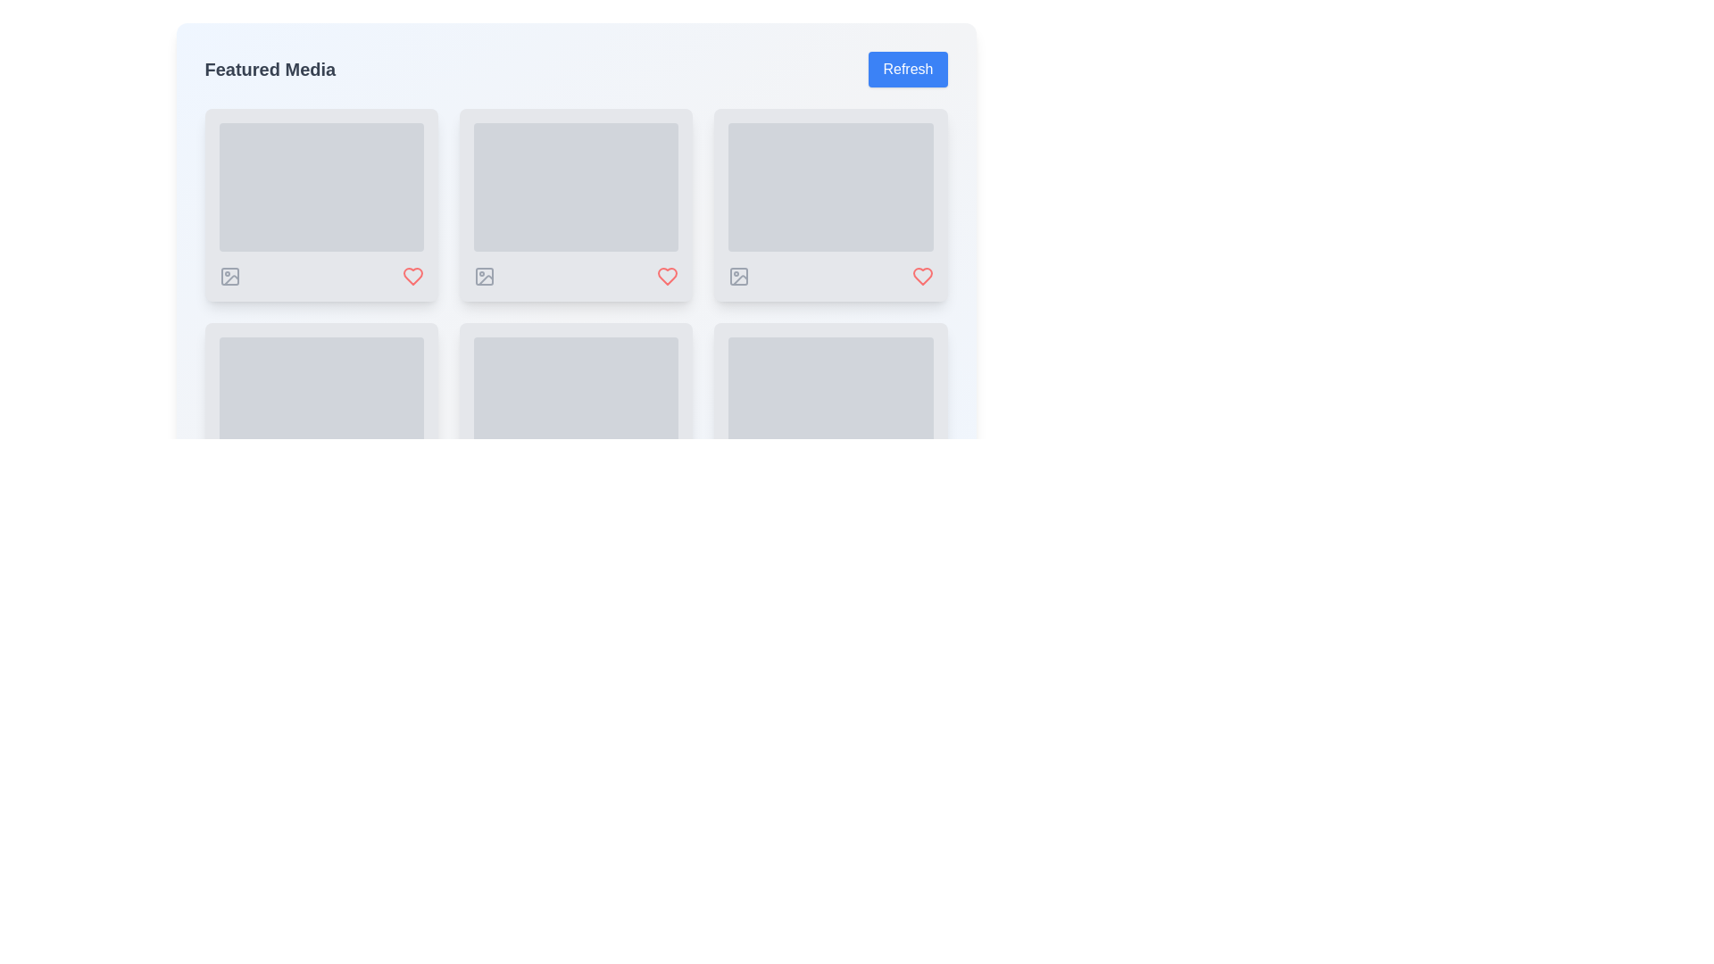 Image resolution: width=1714 pixels, height=964 pixels. Describe the element at coordinates (412, 276) in the screenshot. I see `the heart icon located at the bottom-right corner of the second media card in the 'Featured Media' grid` at that location.